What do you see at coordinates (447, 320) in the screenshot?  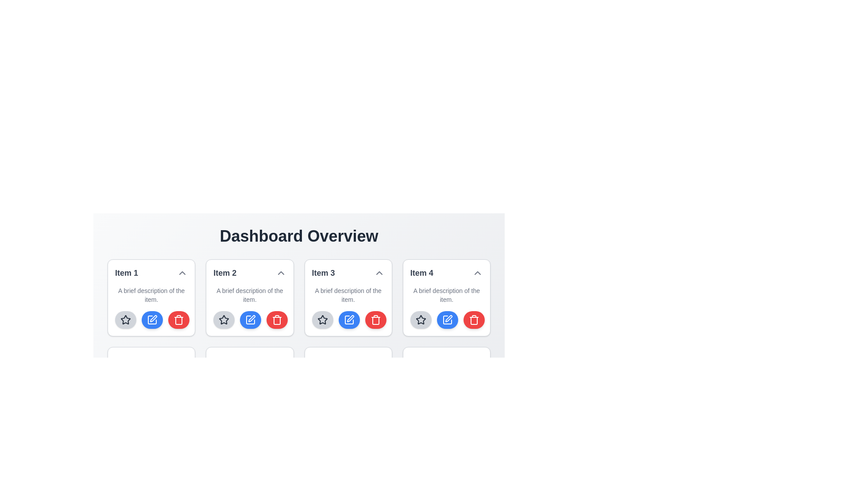 I see `the button at the bottom center of 'Item 4' card to receive a visual response if enabled` at bounding box center [447, 320].